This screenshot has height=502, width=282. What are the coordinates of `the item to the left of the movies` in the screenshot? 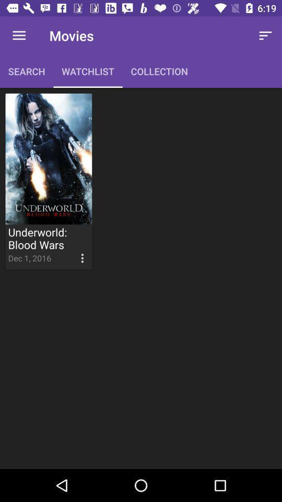 It's located at (19, 36).